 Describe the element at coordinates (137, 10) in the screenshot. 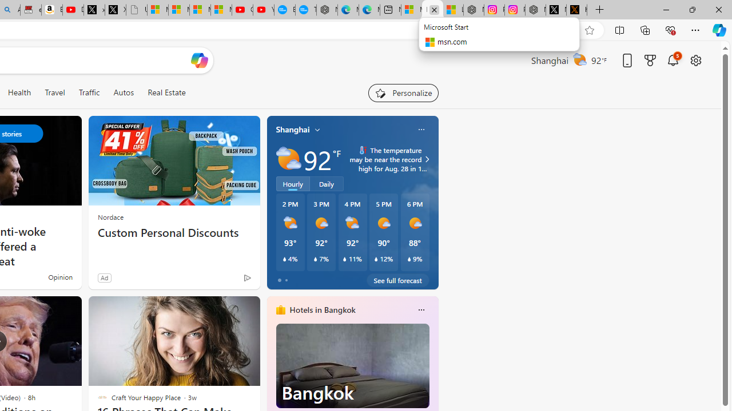

I see `'Untitled'` at that location.